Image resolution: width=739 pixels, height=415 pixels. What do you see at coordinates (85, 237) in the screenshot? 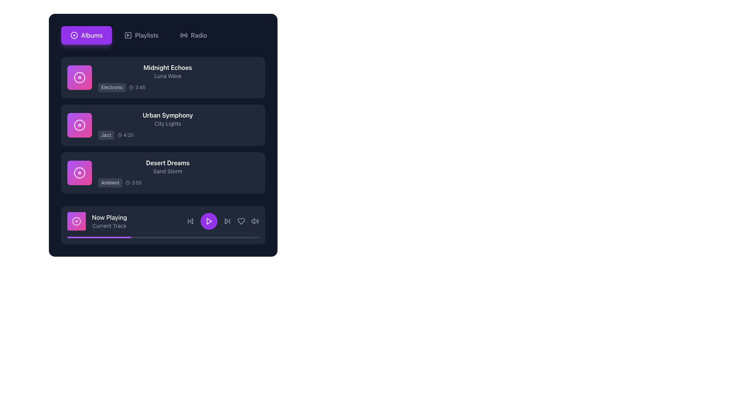
I see `the progress bar value` at bounding box center [85, 237].